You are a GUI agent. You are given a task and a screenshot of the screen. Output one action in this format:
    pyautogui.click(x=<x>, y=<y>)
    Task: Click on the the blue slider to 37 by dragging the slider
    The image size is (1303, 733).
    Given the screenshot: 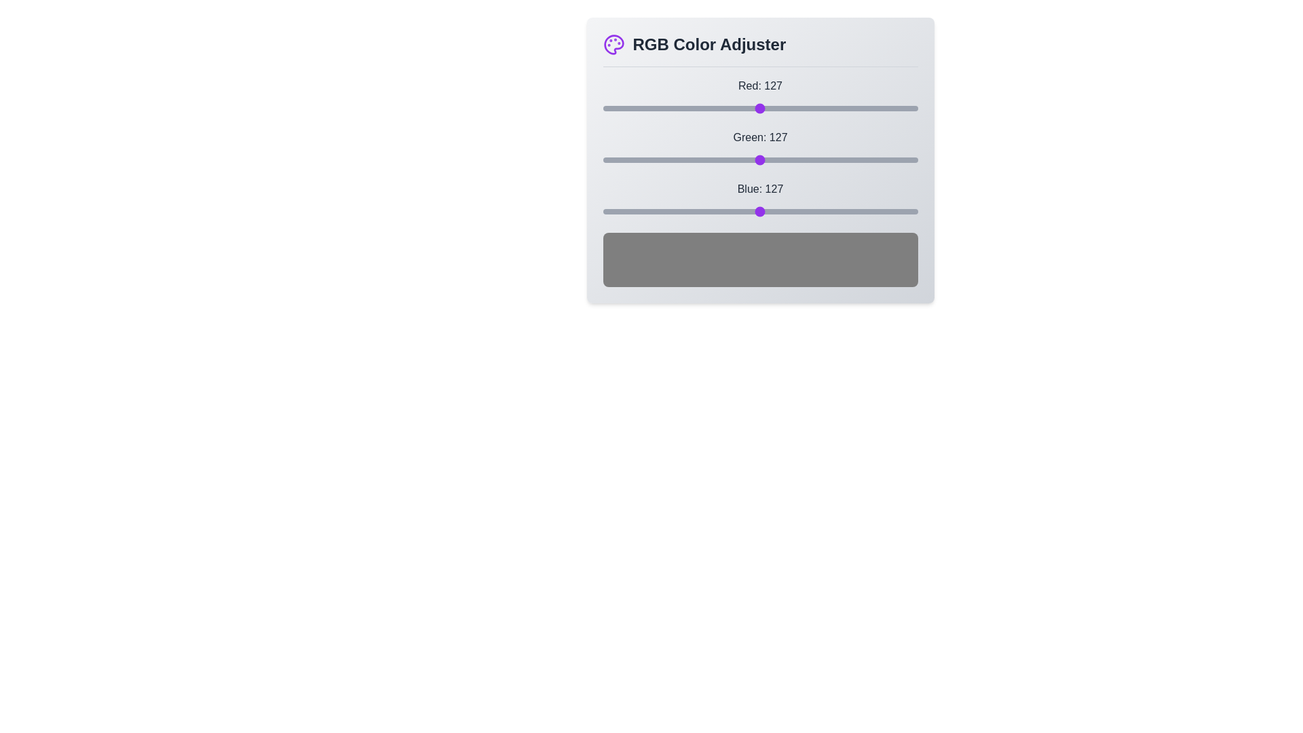 What is the action you would take?
    pyautogui.click(x=647, y=212)
    